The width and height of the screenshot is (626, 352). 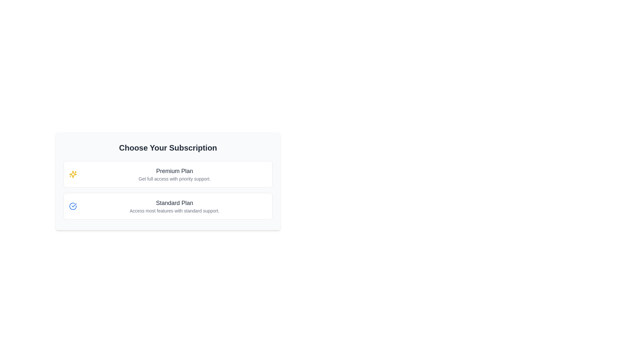 I want to click on the text label displaying 'Access most features with standard support.' which is located below the 'Standard Plan' header, so click(x=174, y=211).